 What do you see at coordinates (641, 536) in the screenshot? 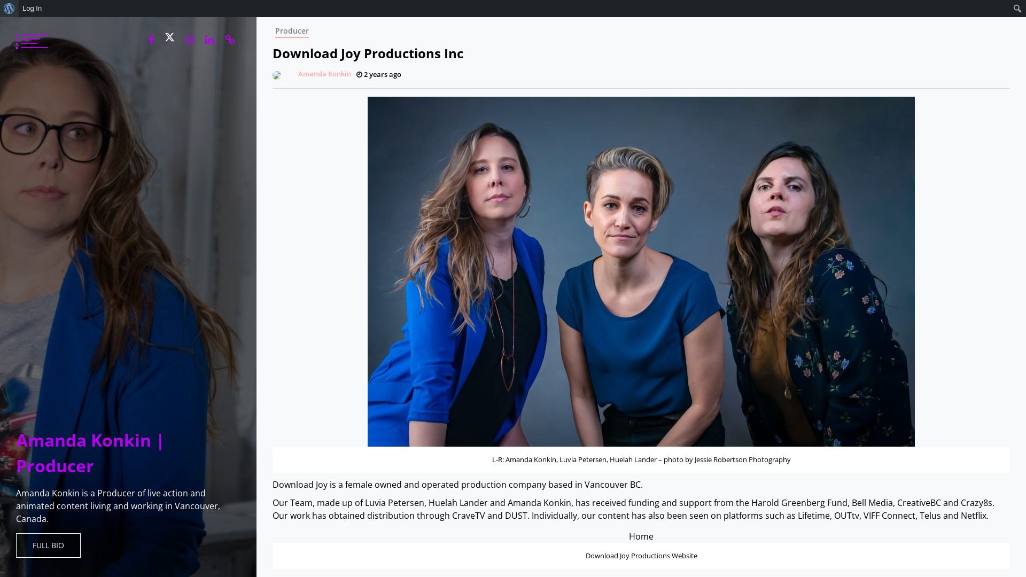
I see `'Home'` at bounding box center [641, 536].